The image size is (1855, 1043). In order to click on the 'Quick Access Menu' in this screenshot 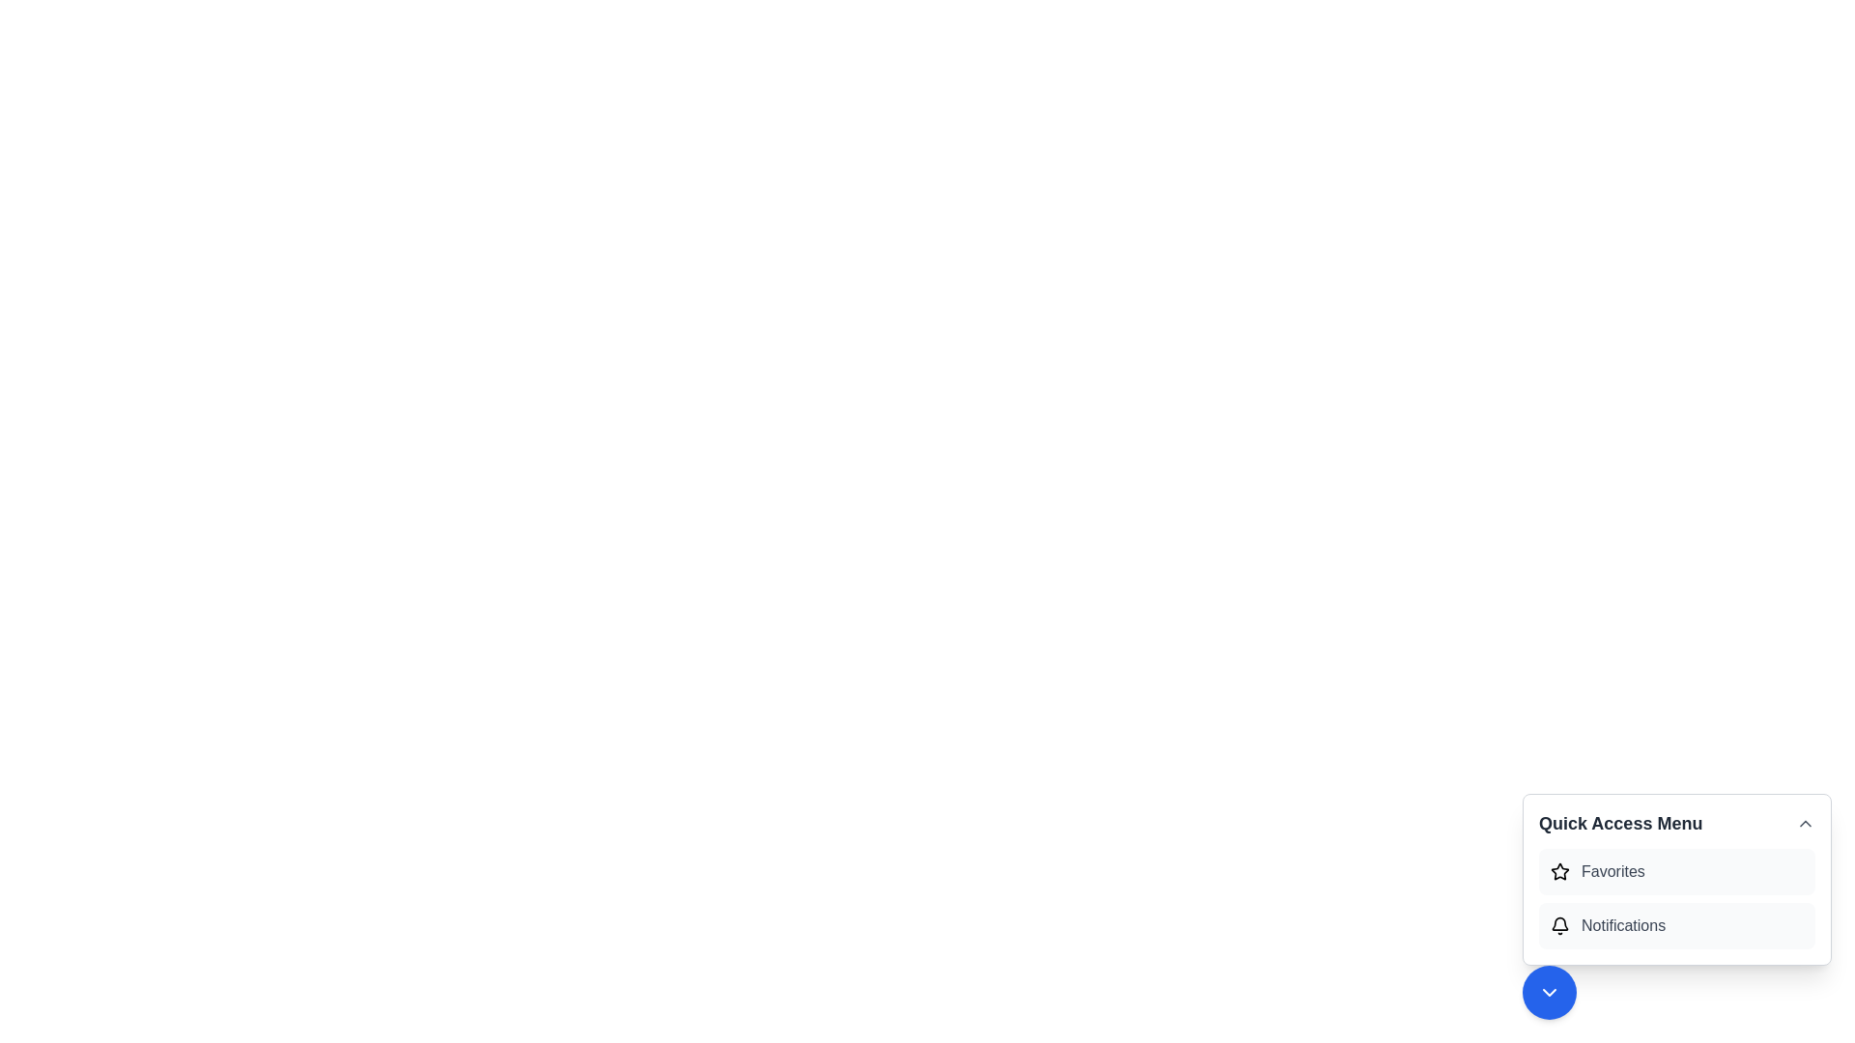, I will do `click(1676, 879)`.